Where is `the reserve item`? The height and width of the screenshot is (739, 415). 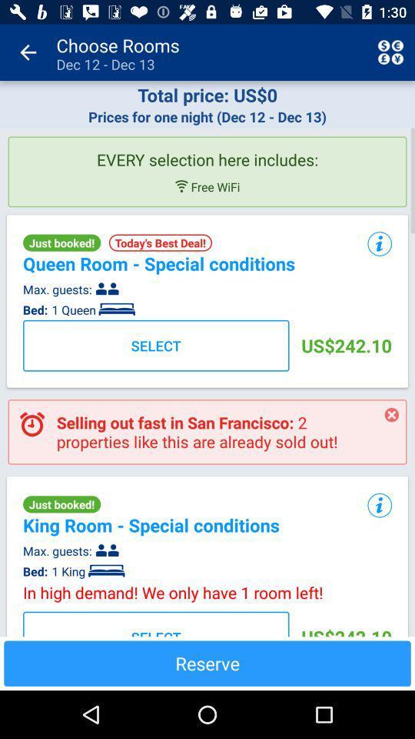 the reserve item is located at coordinates (207, 663).